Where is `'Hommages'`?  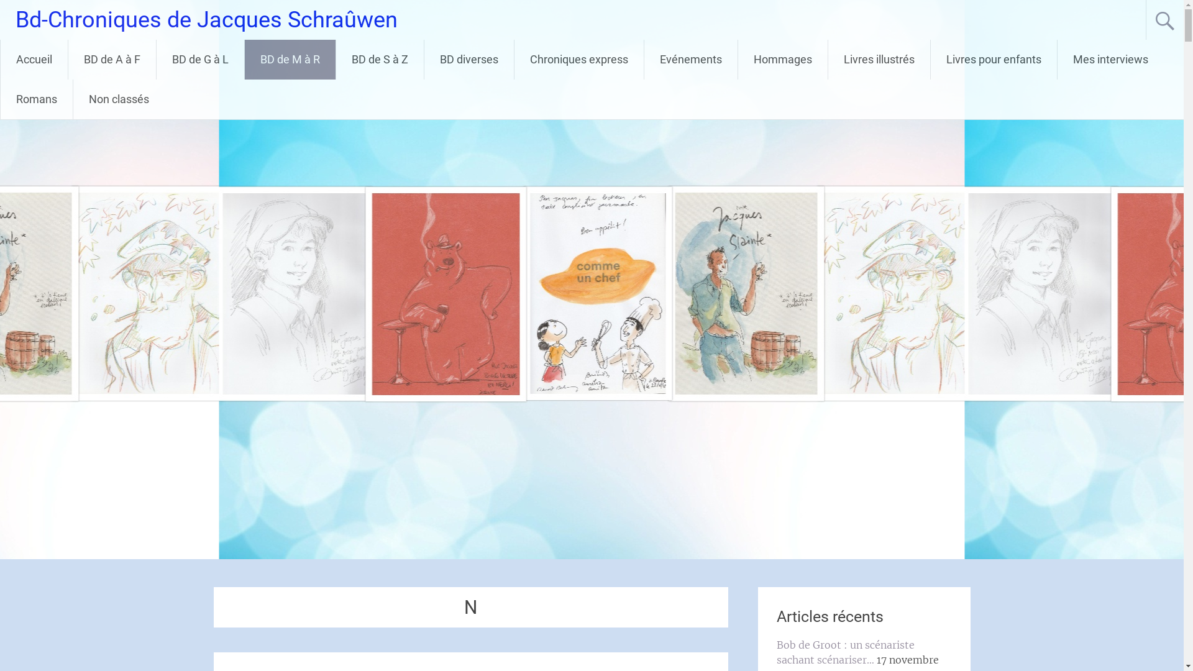 'Hommages' is located at coordinates (782, 60).